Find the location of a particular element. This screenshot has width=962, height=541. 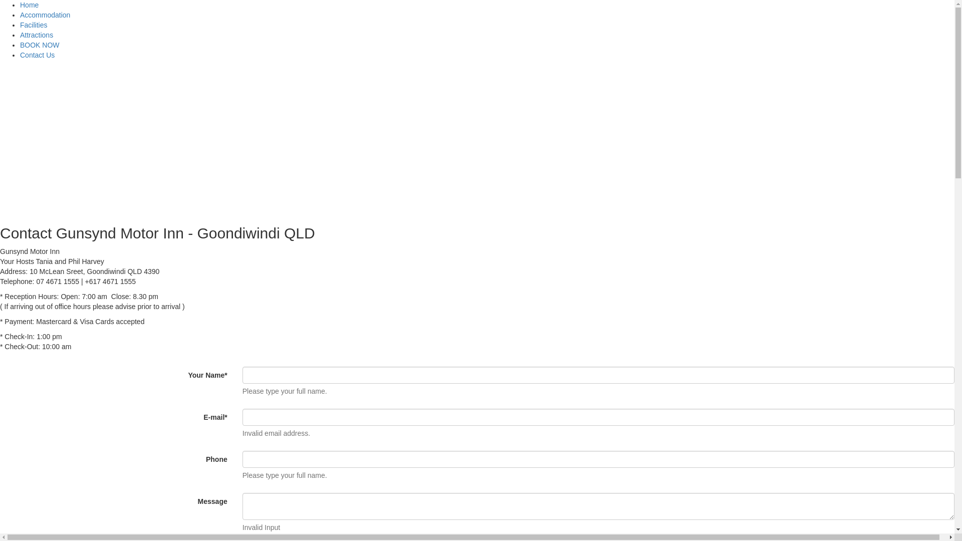

'BOOK NOW' is located at coordinates (40, 44).